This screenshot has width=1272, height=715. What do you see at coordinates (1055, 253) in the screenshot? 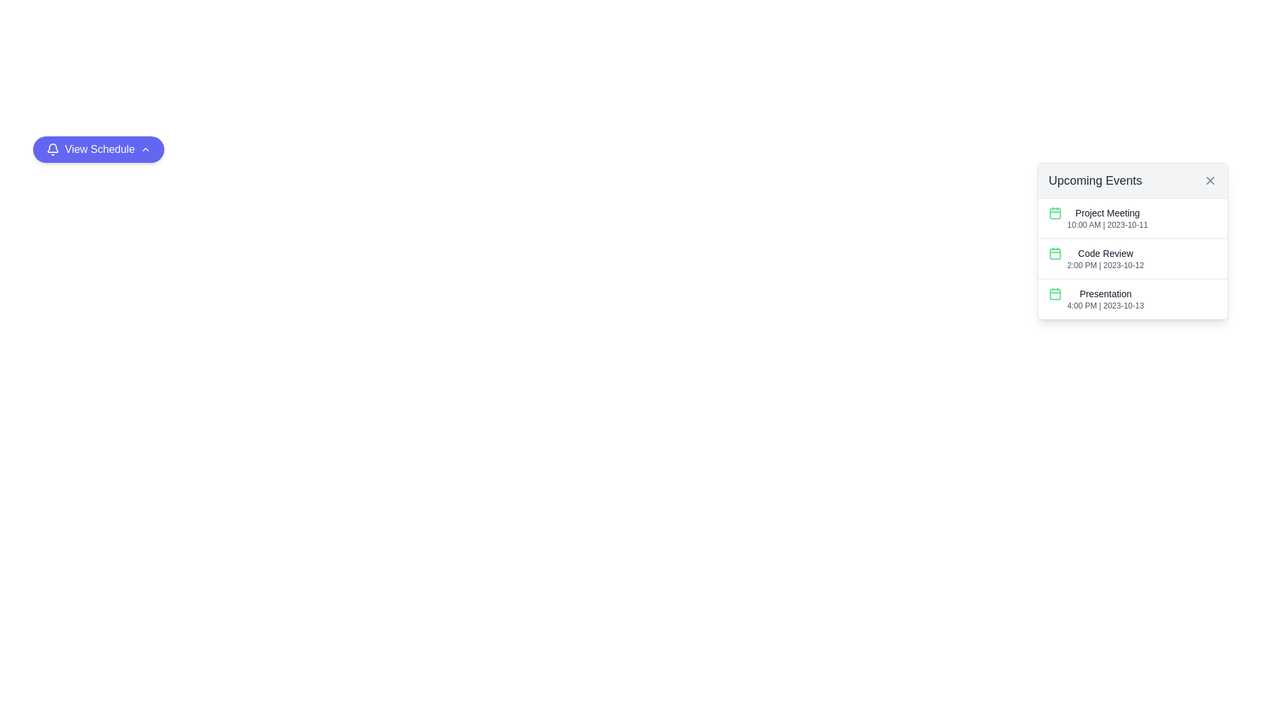
I see `the calendar icon with a green outline located to the left of the text 'Code Review' in the 'Upcoming Events' section` at bounding box center [1055, 253].